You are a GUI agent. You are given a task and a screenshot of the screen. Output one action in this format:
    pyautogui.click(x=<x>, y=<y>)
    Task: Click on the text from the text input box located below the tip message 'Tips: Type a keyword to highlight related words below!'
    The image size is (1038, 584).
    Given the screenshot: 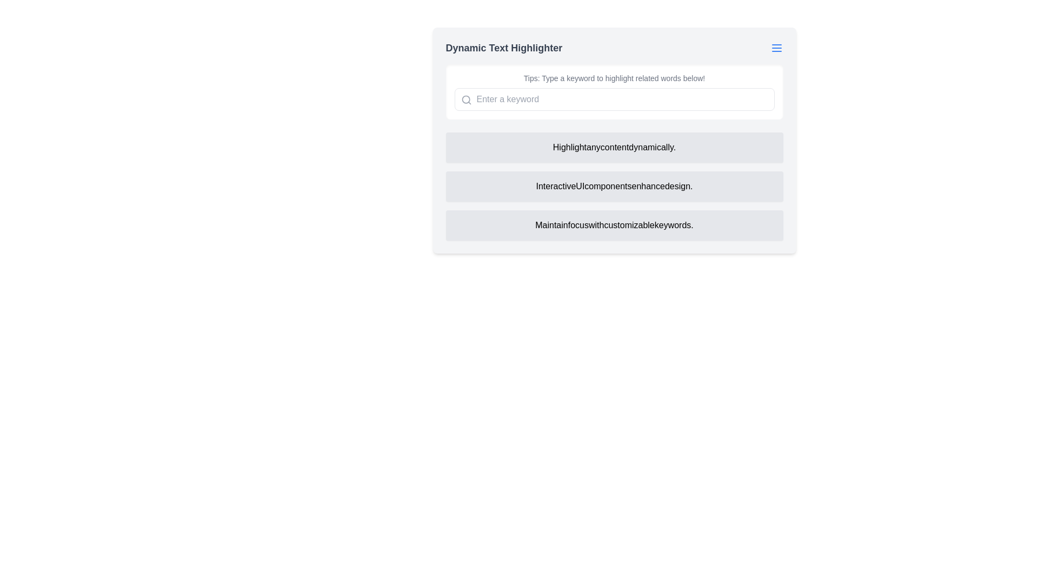 What is the action you would take?
    pyautogui.click(x=614, y=99)
    